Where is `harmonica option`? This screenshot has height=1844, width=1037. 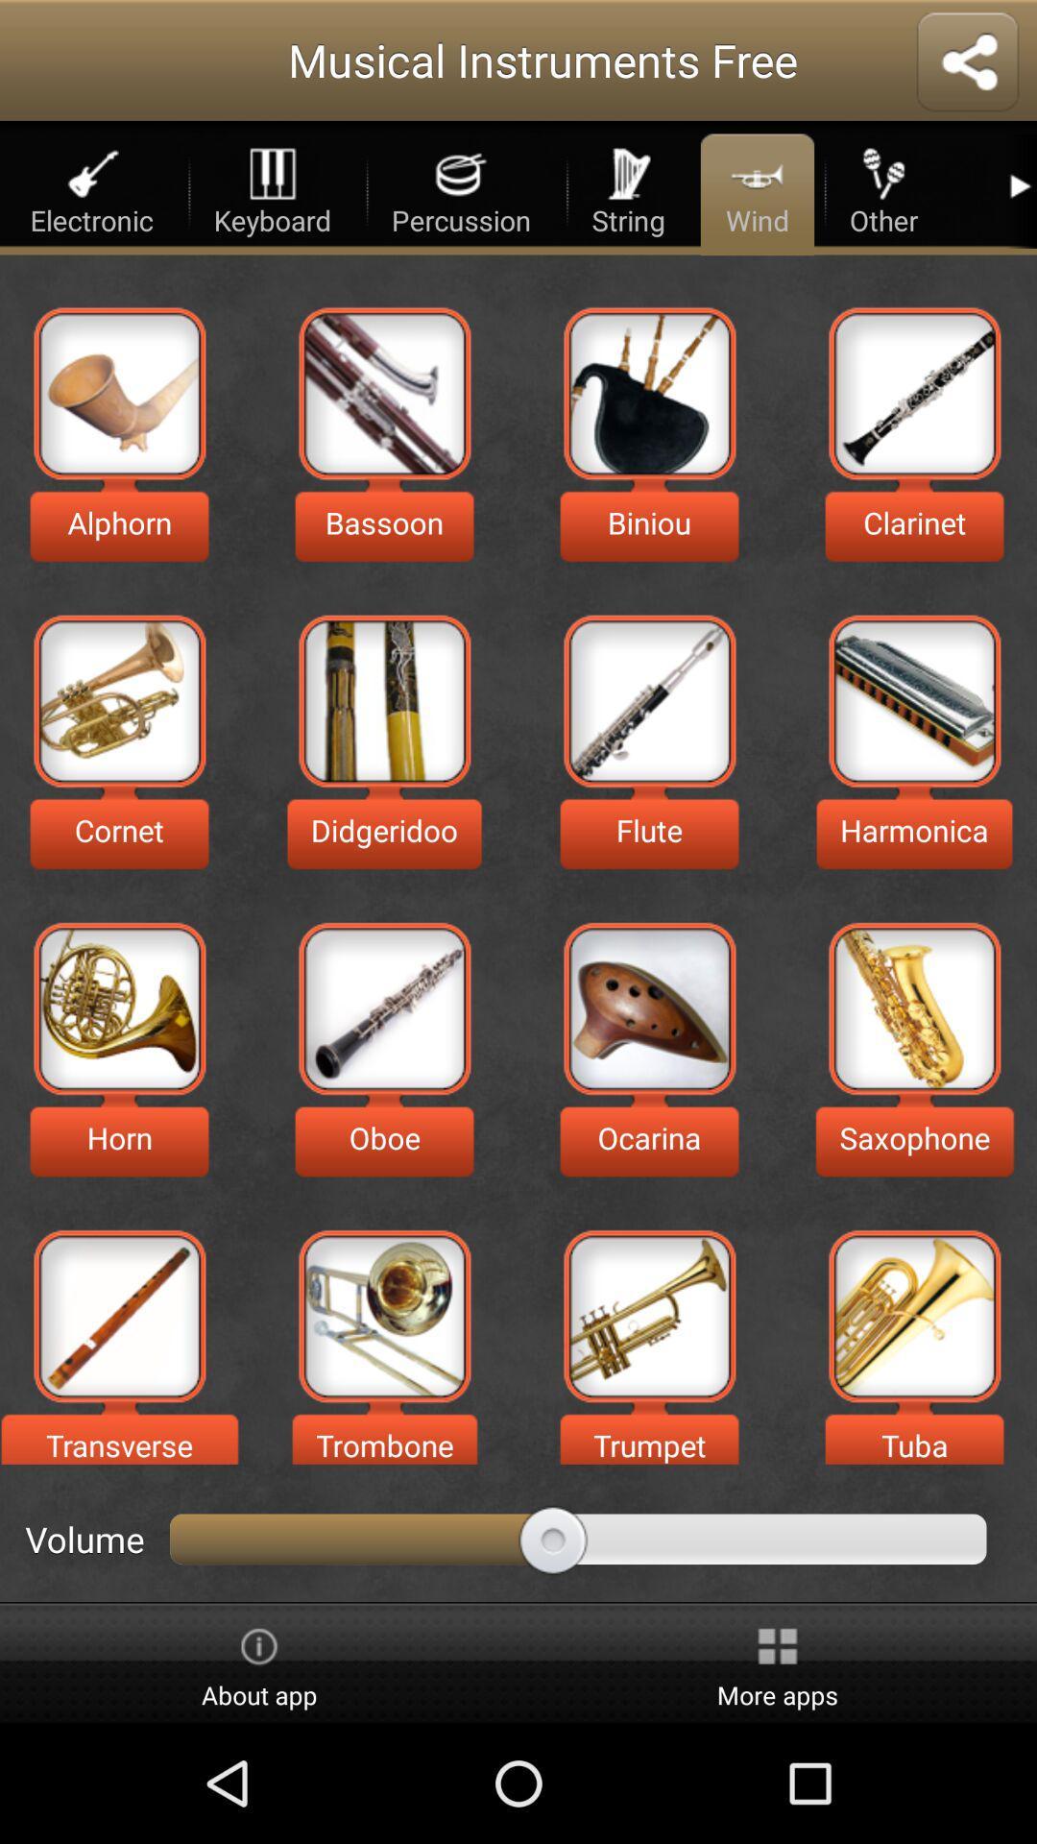
harmonica option is located at coordinates (913, 700).